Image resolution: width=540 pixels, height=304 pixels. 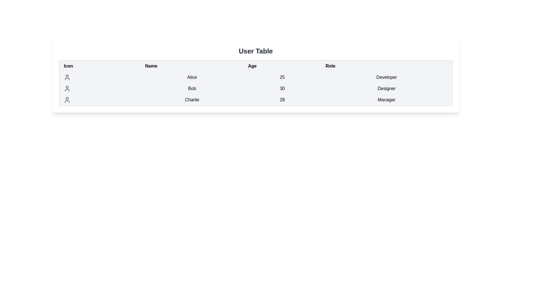 I want to click on 'Age' label, which is the header for the third column in the table, positioned between 'Name' and 'Role', so click(x=255, y=66).